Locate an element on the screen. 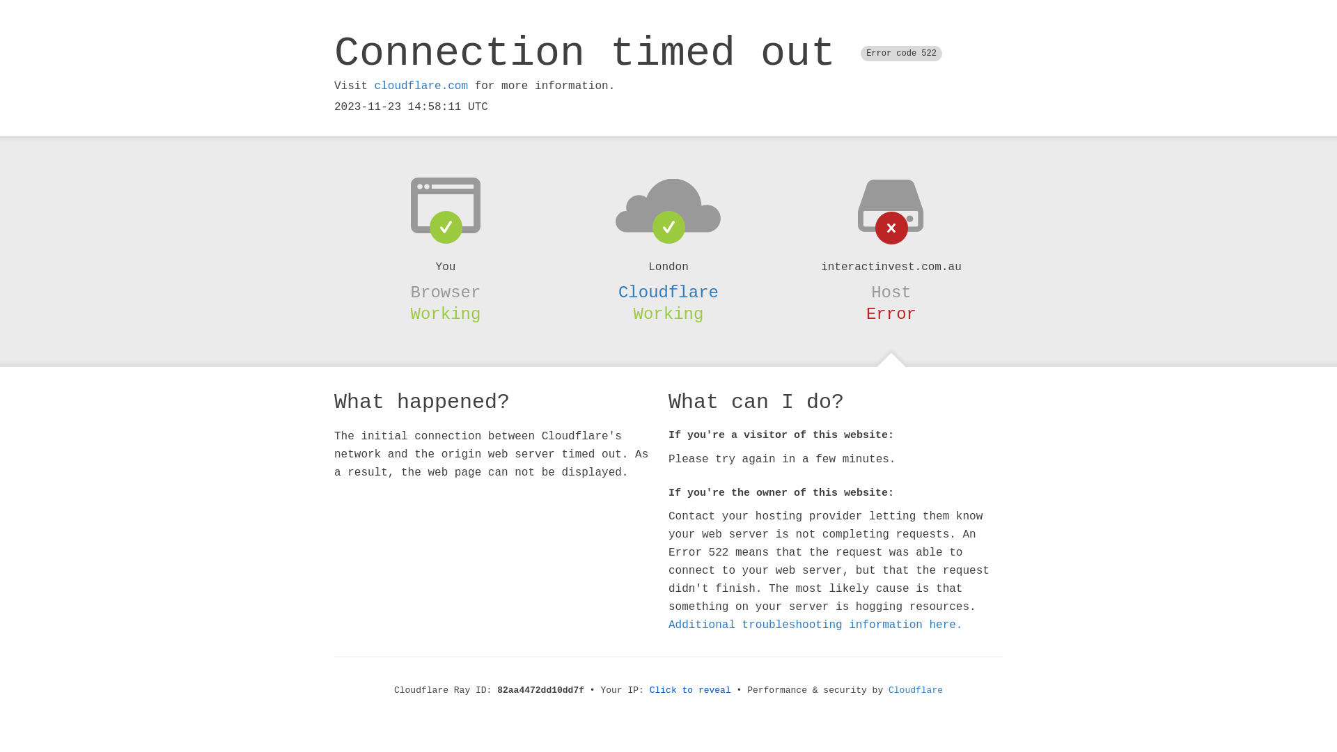  'Click to reveal' is located at coordinates (648, 690).